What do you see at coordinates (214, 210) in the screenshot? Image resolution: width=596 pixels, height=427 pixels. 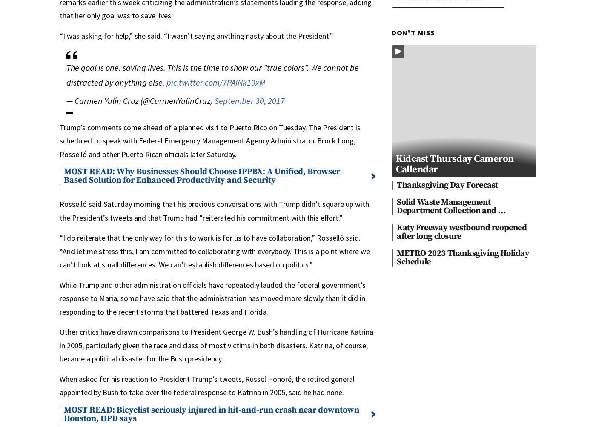 I see `'Rosselló said Saturday morning that his previous conversations with Trump didn’t square up with the President’s tweets and that Trump had “reiterated his commitment with this effort.”'` at bounding box center [214, 210].